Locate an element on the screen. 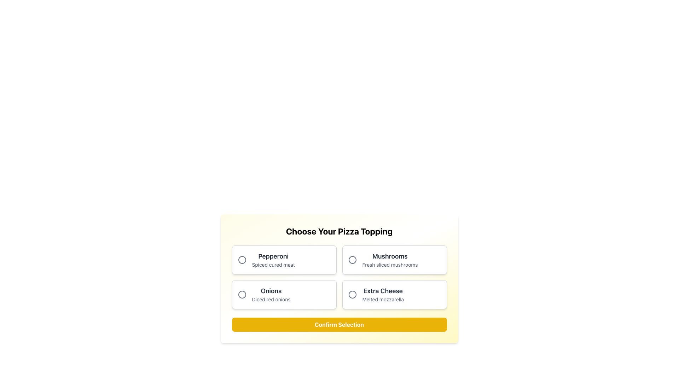  the circular icon indicating the selection status for the 'Mushrooms' topping, which is located on the right side of the toppings interface as the second option in the top row is located at coordinates (352, 260).